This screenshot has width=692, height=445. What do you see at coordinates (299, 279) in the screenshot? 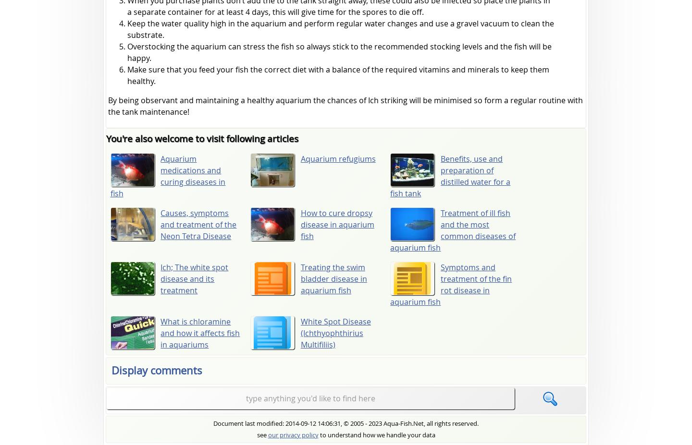
I see `'Treating the swim bladder disease in aquarium fish'` at bounding box center [299, 279].